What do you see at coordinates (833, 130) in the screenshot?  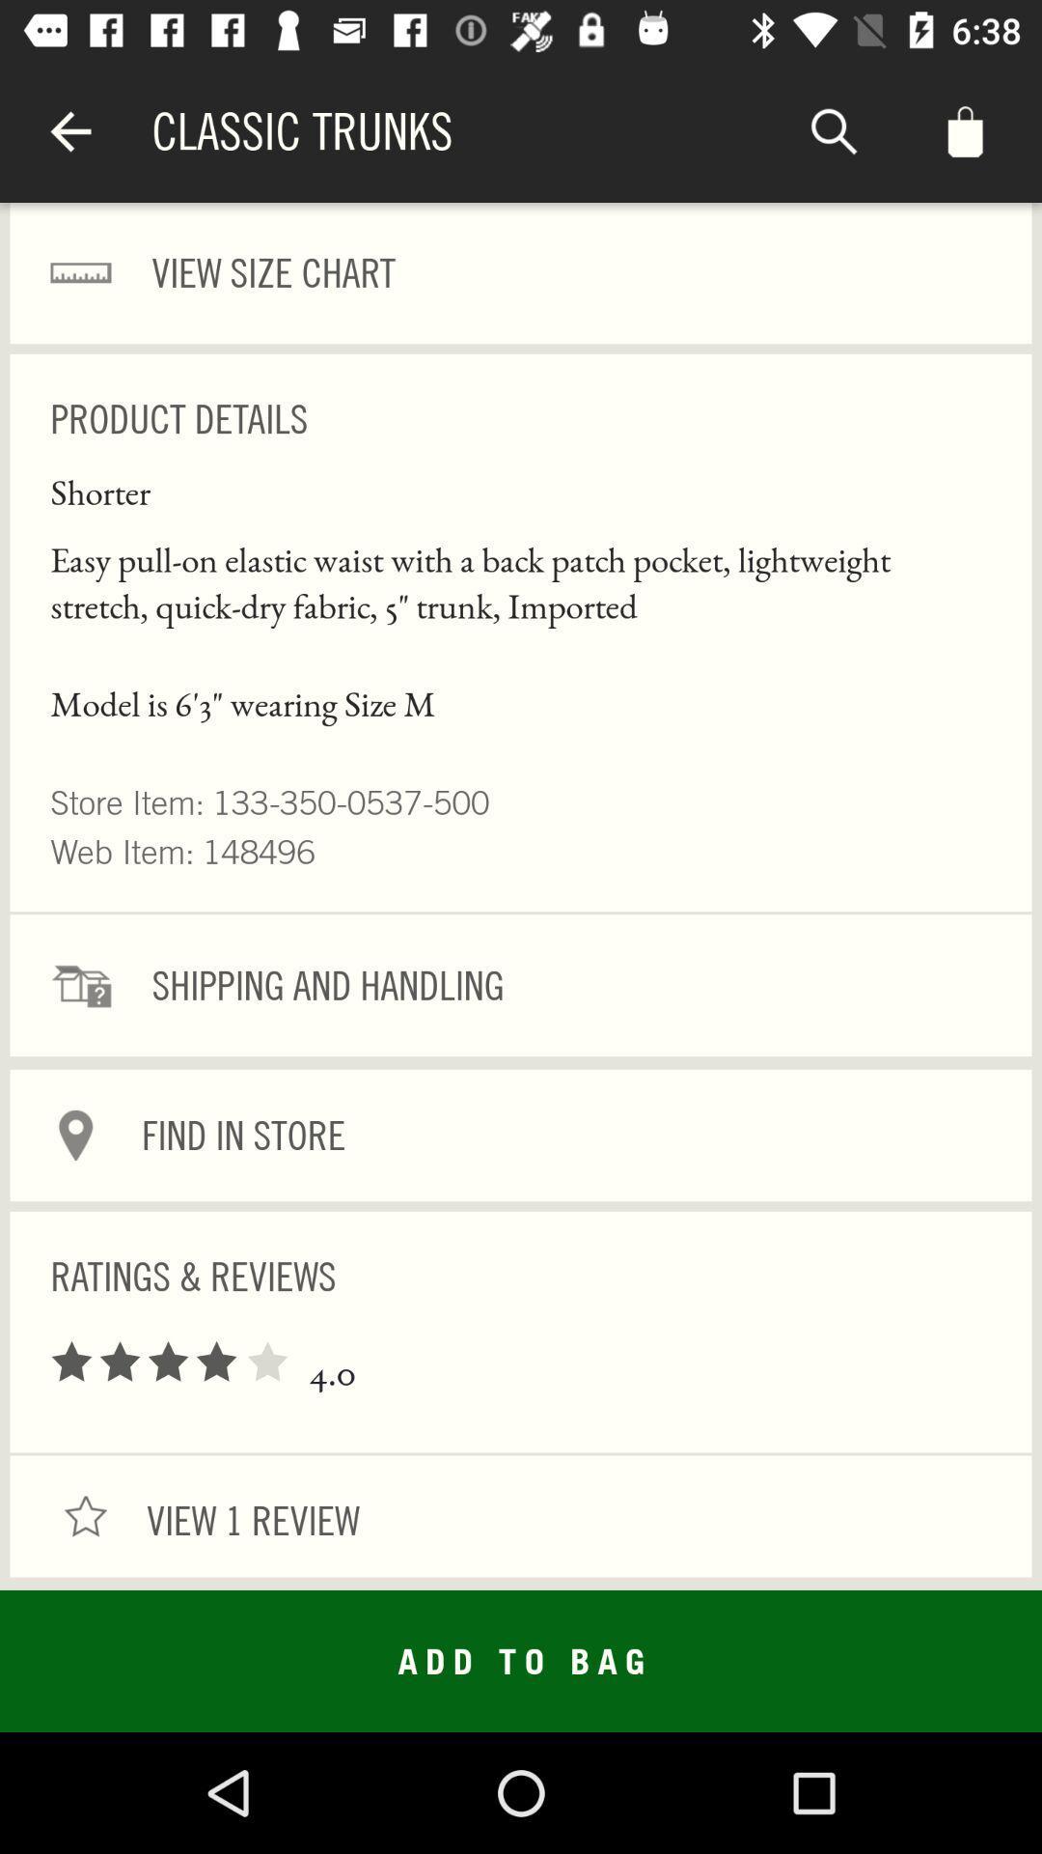 I see `the icon next to classic trunks item` at bounding box center [833, 130].